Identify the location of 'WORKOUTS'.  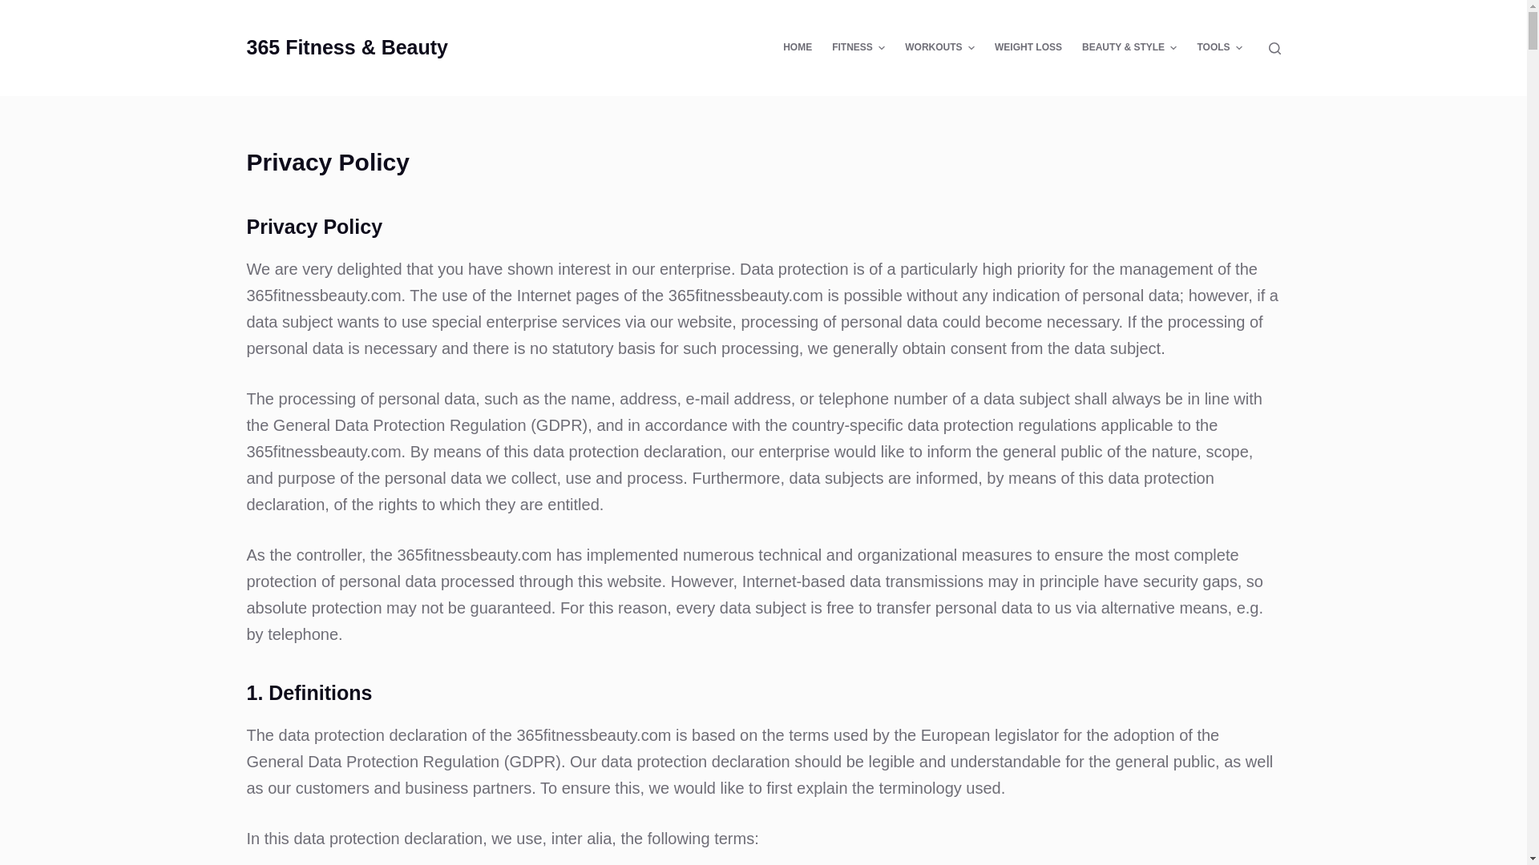
(939, 47).